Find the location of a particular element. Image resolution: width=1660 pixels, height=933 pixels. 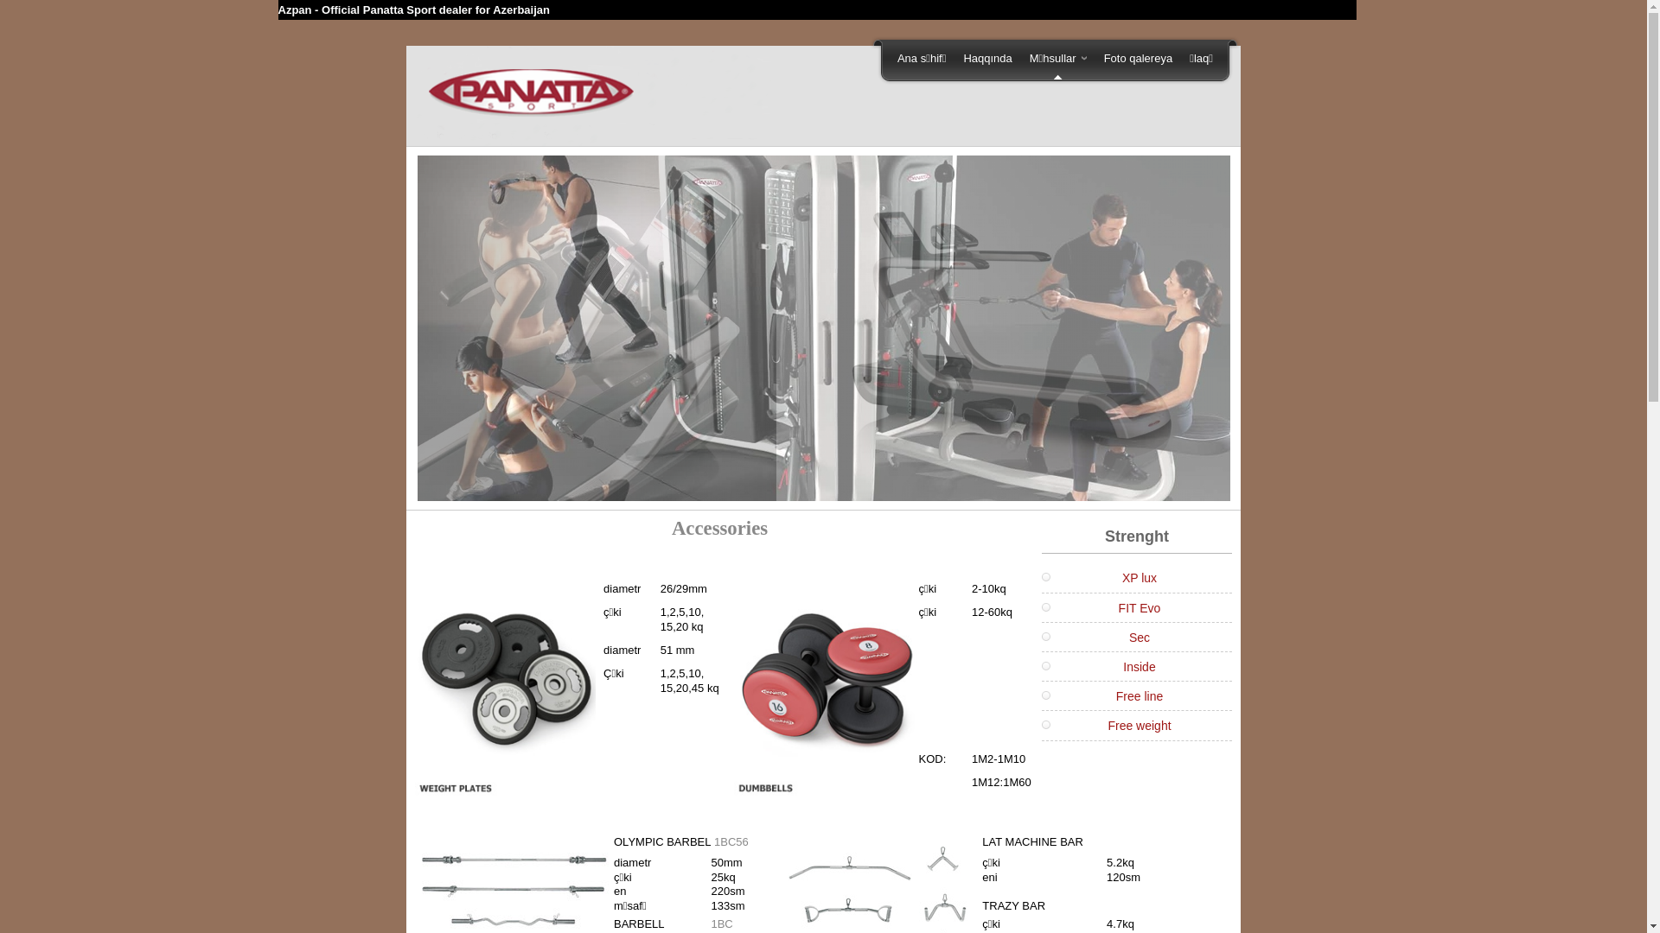

'FIT Evo' is located at coordinates (1140, 607).